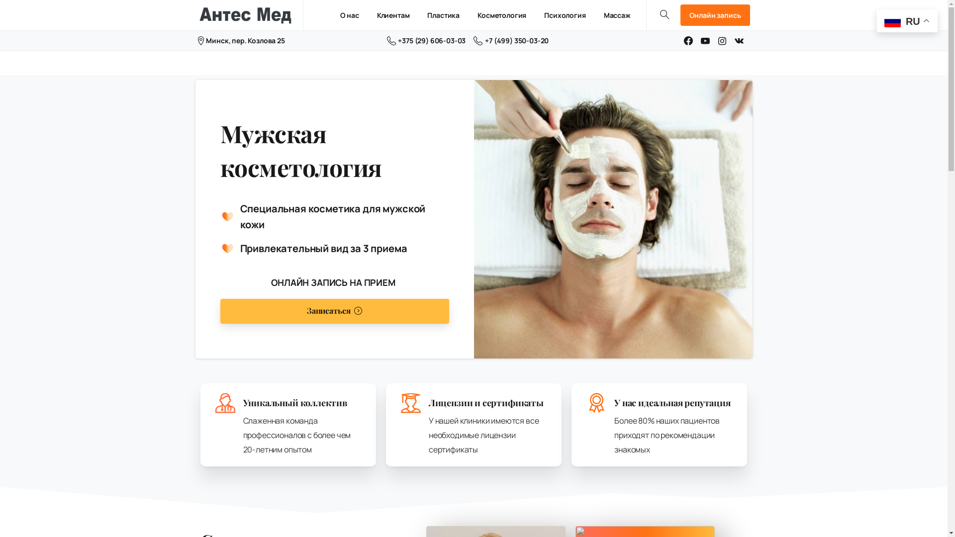  Describe the element at coordinates (426, 40) in the screenshot. I see `'+375 (29) 606-03-03'` at that location.